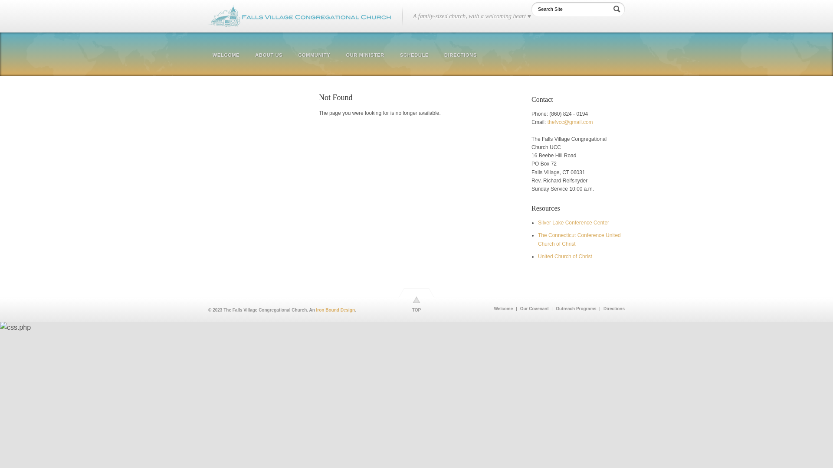 The width and height of the screenshot is (833, 468). Describe the element at coordinates (574, 309) in the screenshot. I see `'Outreach Programs'` at that location.